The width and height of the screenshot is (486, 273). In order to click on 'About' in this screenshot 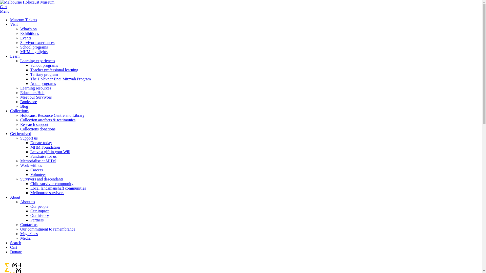, I will do `click(15, 197)`.